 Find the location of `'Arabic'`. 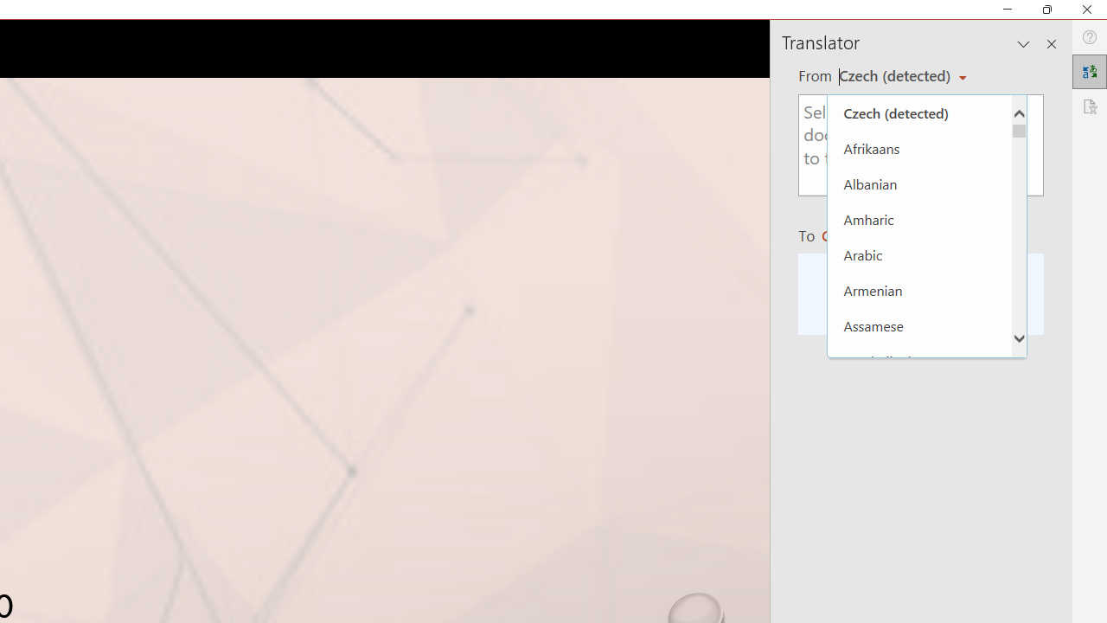

'Arabic' is located at coordinates (918, 254).